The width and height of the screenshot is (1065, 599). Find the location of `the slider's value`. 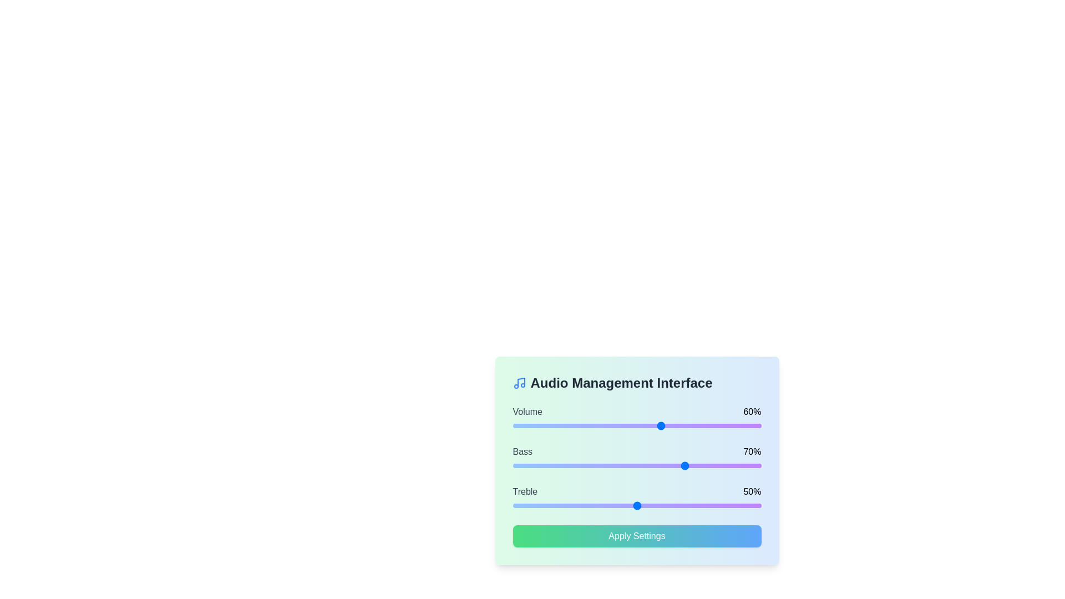

the slider's value is located at coordinates (614, 425).